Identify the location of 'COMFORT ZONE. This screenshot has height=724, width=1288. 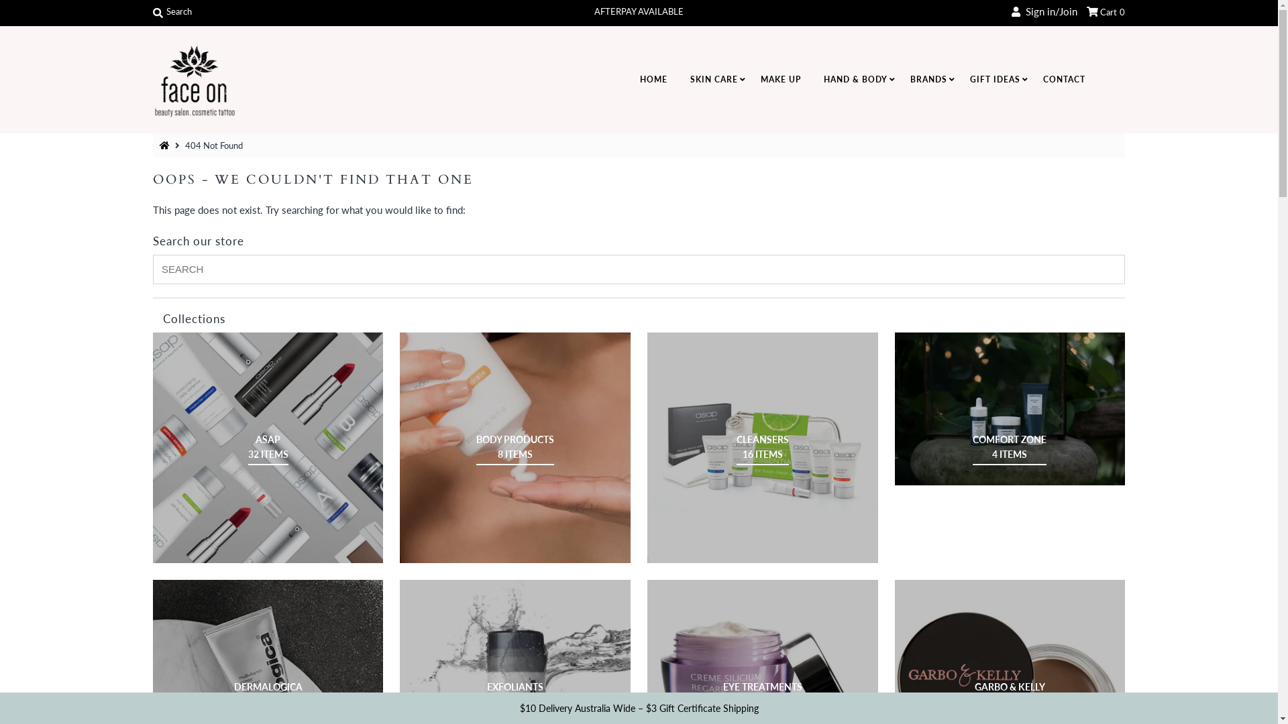
(1010, 447).